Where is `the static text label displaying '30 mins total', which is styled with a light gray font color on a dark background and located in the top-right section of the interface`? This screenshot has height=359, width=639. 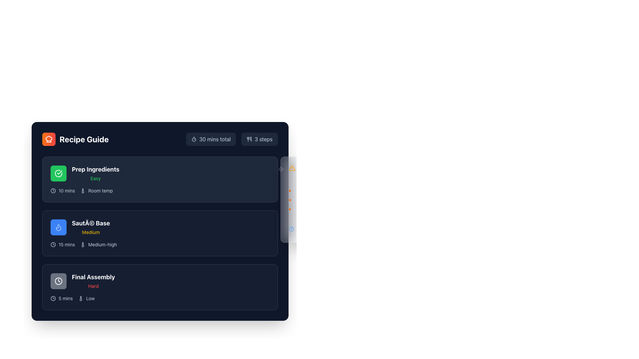 the static text label displaying '30 mins total', which is styled with a light gray font color on a dark background and located in the top-right section of the interface is located at coordinates (215, 139).